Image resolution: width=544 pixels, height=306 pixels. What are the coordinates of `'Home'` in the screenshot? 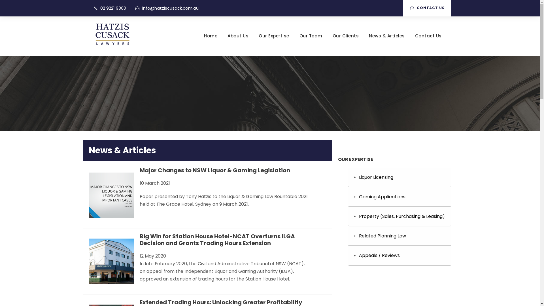 It's located at (210, 44).